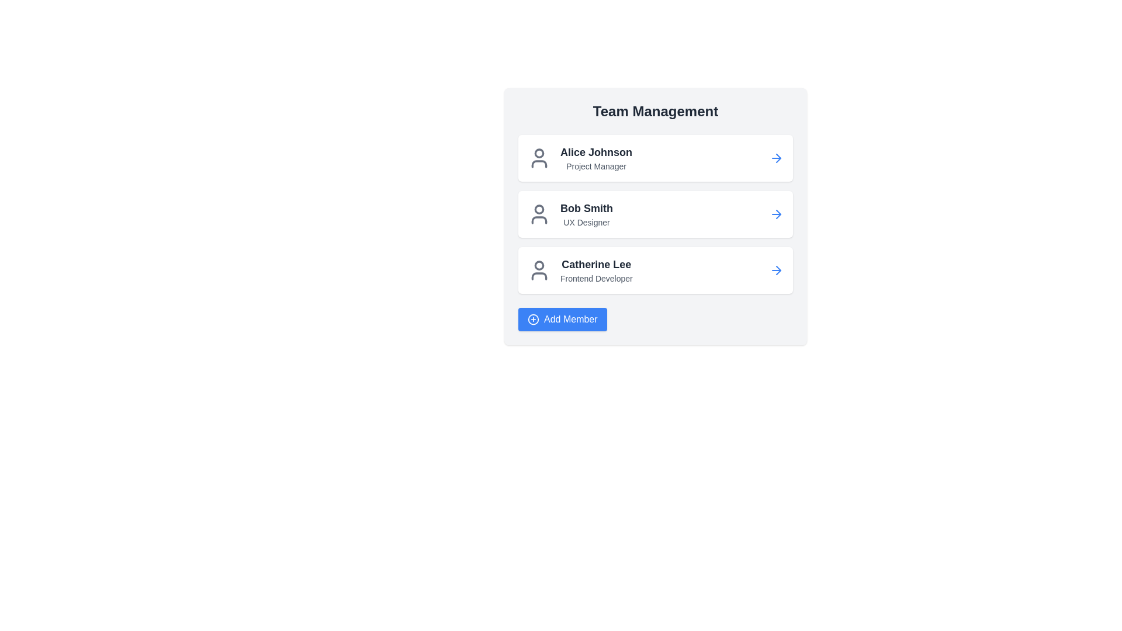  What do you see at coordinates (596, 279) in the screenshot?
I see `the static text label that denotes the professional role associated with 'Catherine Lee', positioned directly beneath her name in the third card of the 'Team Management' section` at bounding box center [596, 279].